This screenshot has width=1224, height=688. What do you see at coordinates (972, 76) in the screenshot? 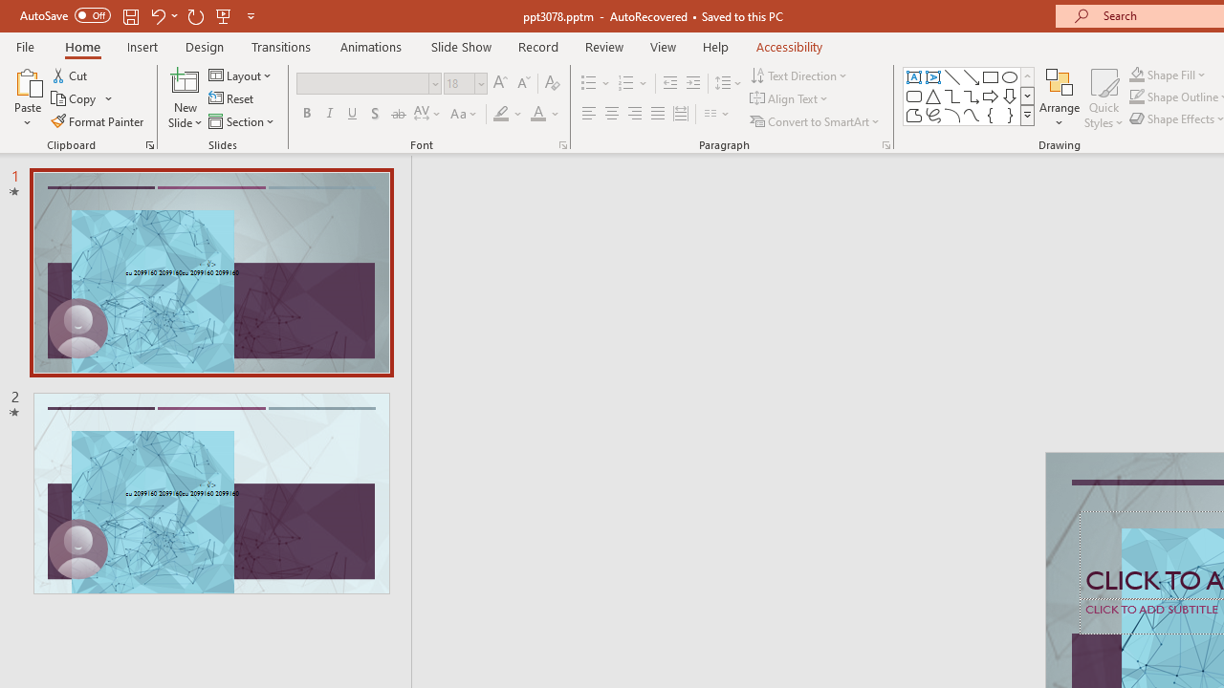
I see `'Line Arrow'` at bounding box center [972, 76].